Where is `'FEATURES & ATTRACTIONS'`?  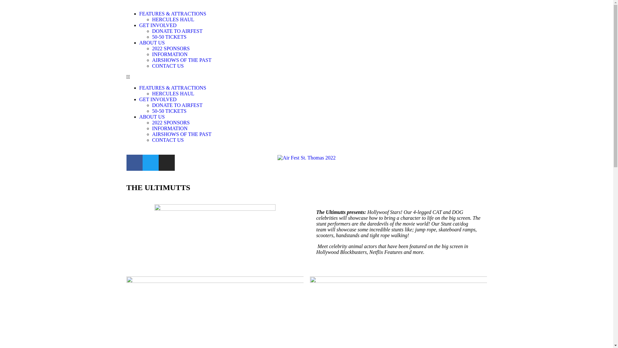 'FEATURES & ATTRACTIONS' is located at coordinates (173, 88).